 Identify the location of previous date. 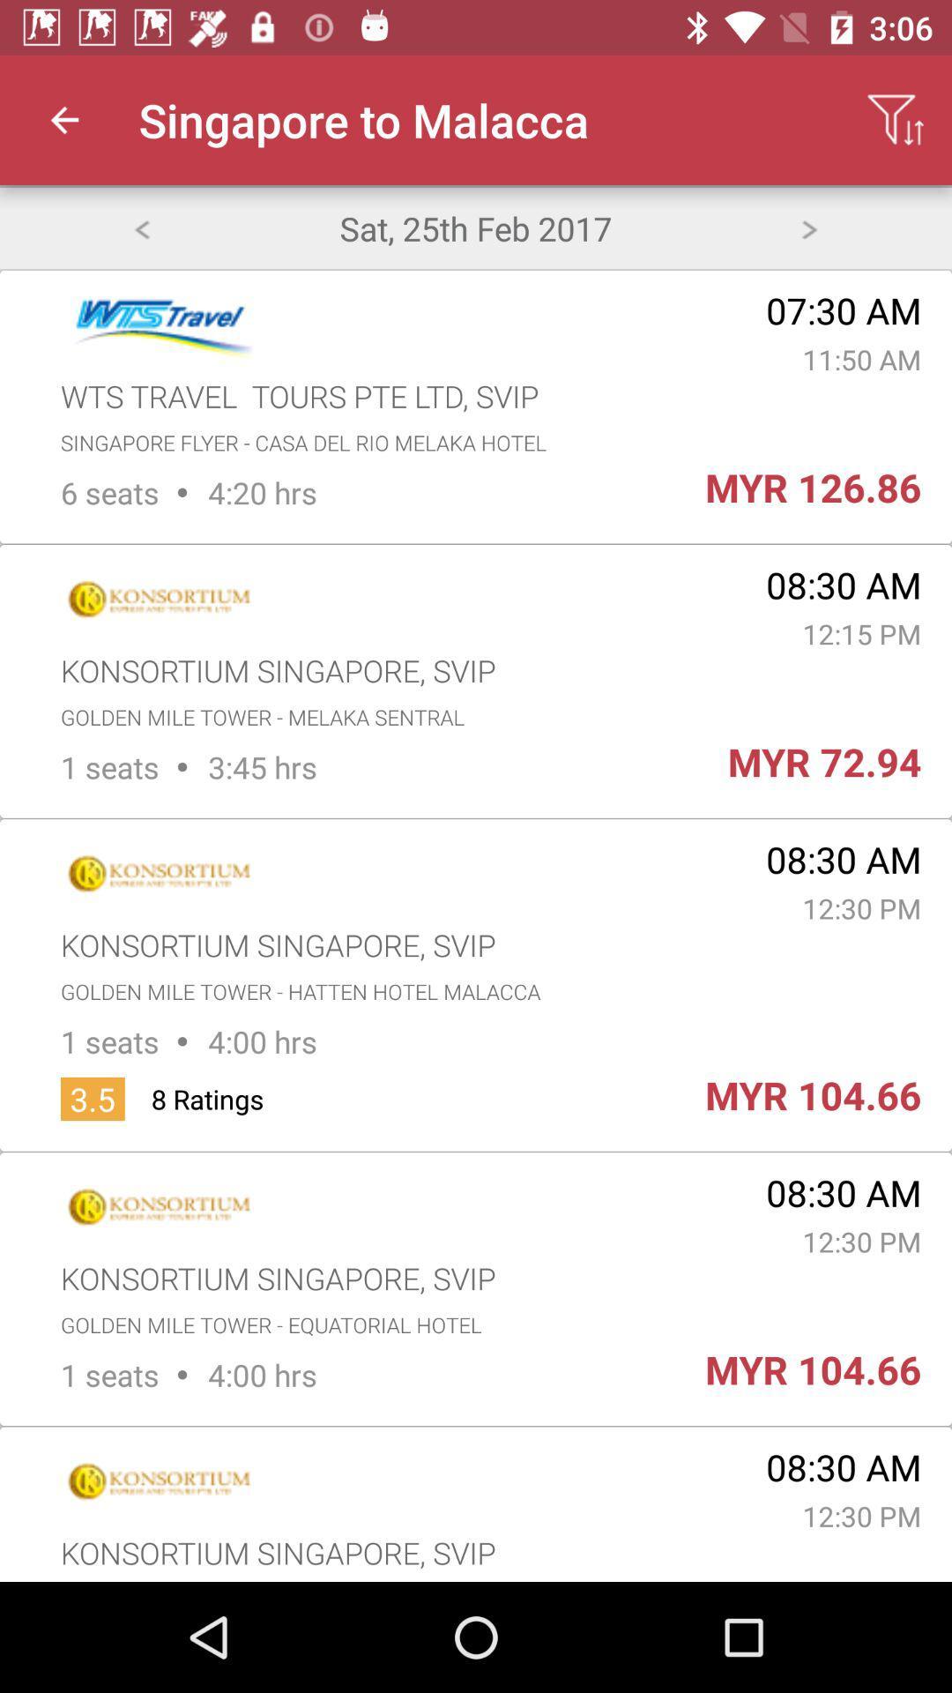
(140, 227).